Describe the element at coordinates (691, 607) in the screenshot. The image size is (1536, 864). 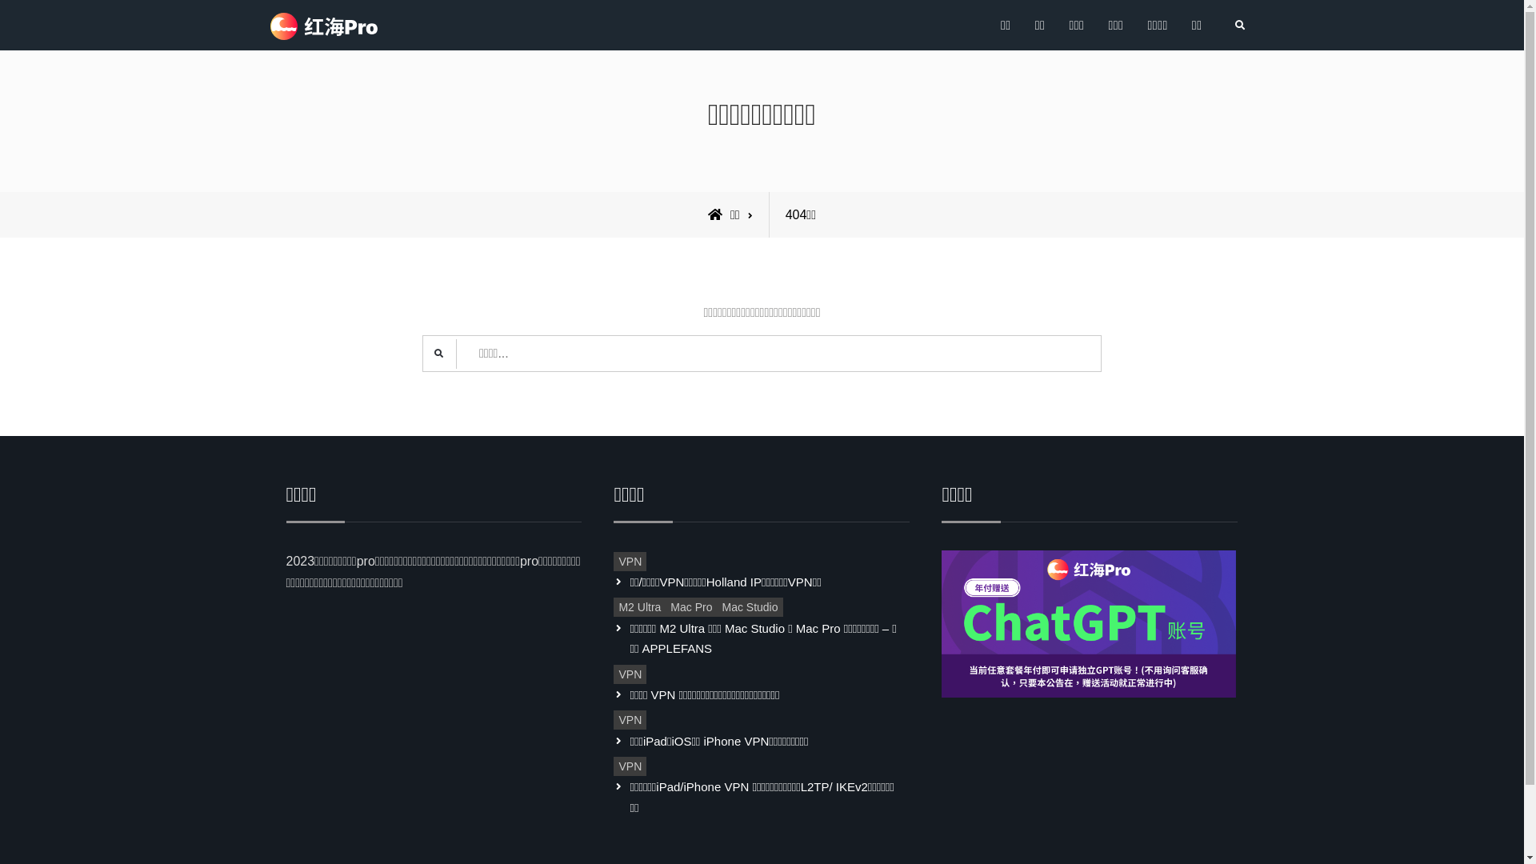
I see `'Mac Pro'` at that location.